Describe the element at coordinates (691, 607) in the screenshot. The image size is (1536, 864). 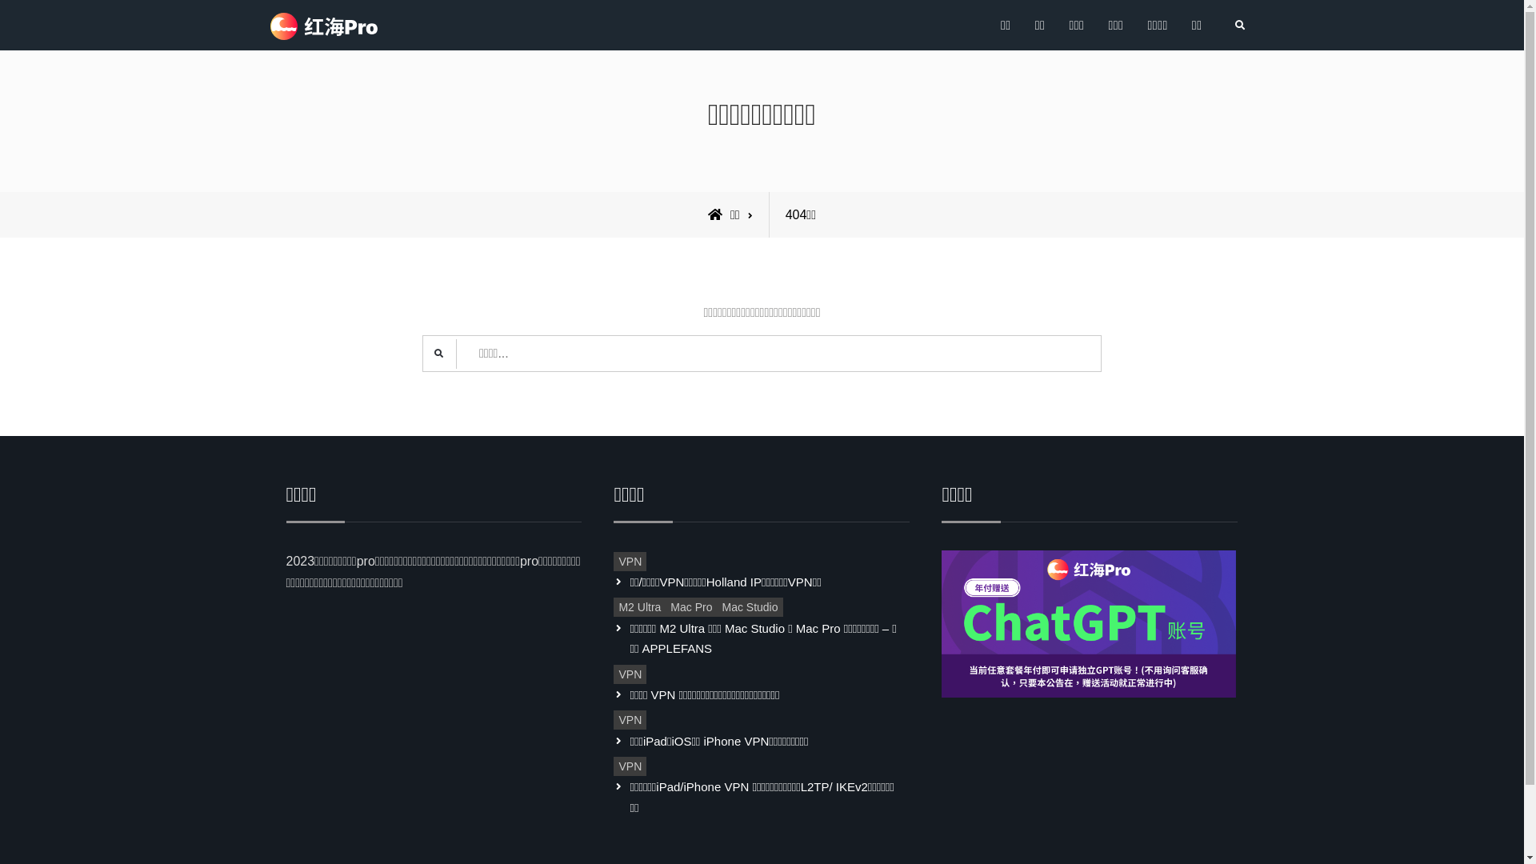
I see `'Mac Pro'` at that location.